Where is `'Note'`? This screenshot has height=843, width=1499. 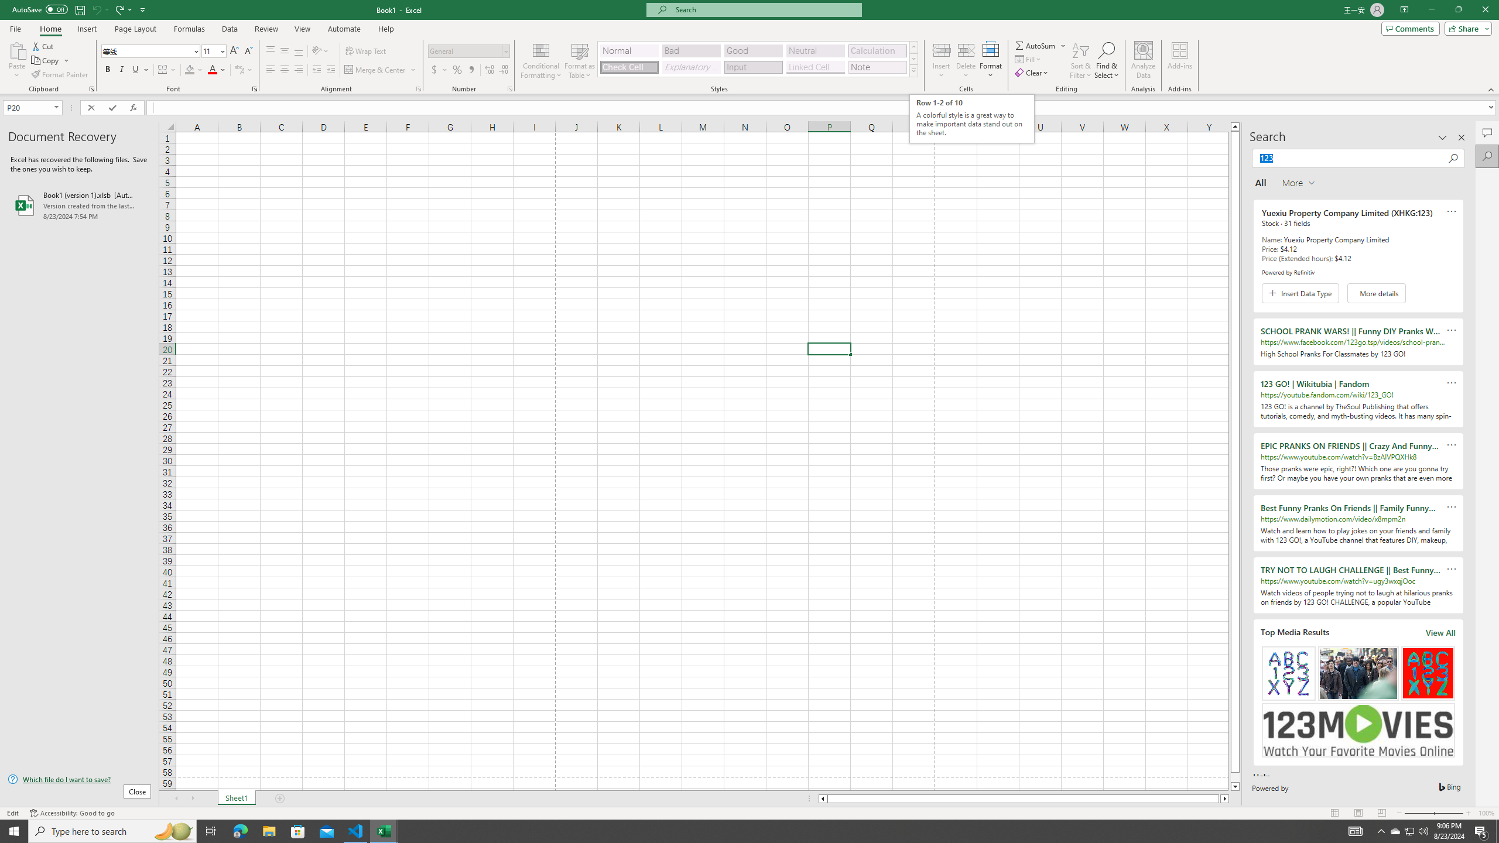
'Note' is located at coordinates (877, 67).